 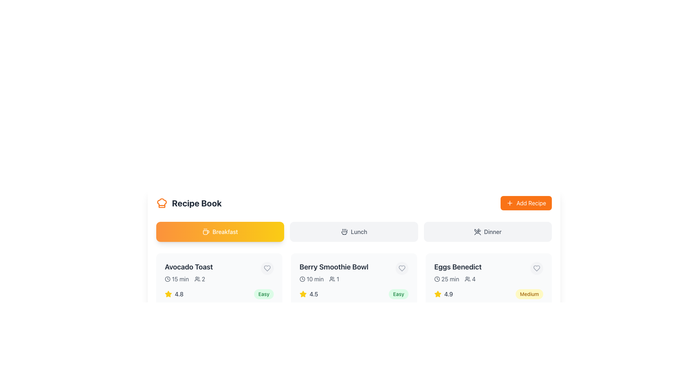 I want to click on the cooking time icon for 'Avocado Toast', which visually signifies the preparation duration of '15 min', so click(x=167, y=279).